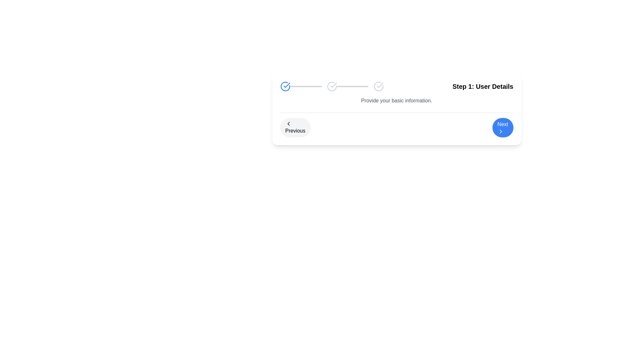 The image size is (622, 350). What do you see at coordinates (396, 101) in the screenshot?
I see `the text label displaying 'Provide your basic information.' which is styled with a gray and medium-sized font, located beneath the title 'Step 1: User Details.'` at bounding box center [396, 101].